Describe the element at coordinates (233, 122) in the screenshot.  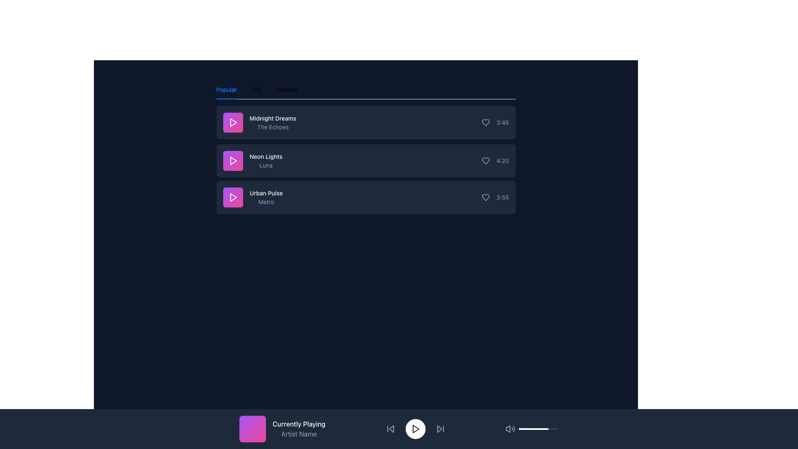
I see `the triangular play icon with a purple gradient background located at the top-left corner of the 'Midnight Dreams' song tile in the 'Popular' section` at that location.